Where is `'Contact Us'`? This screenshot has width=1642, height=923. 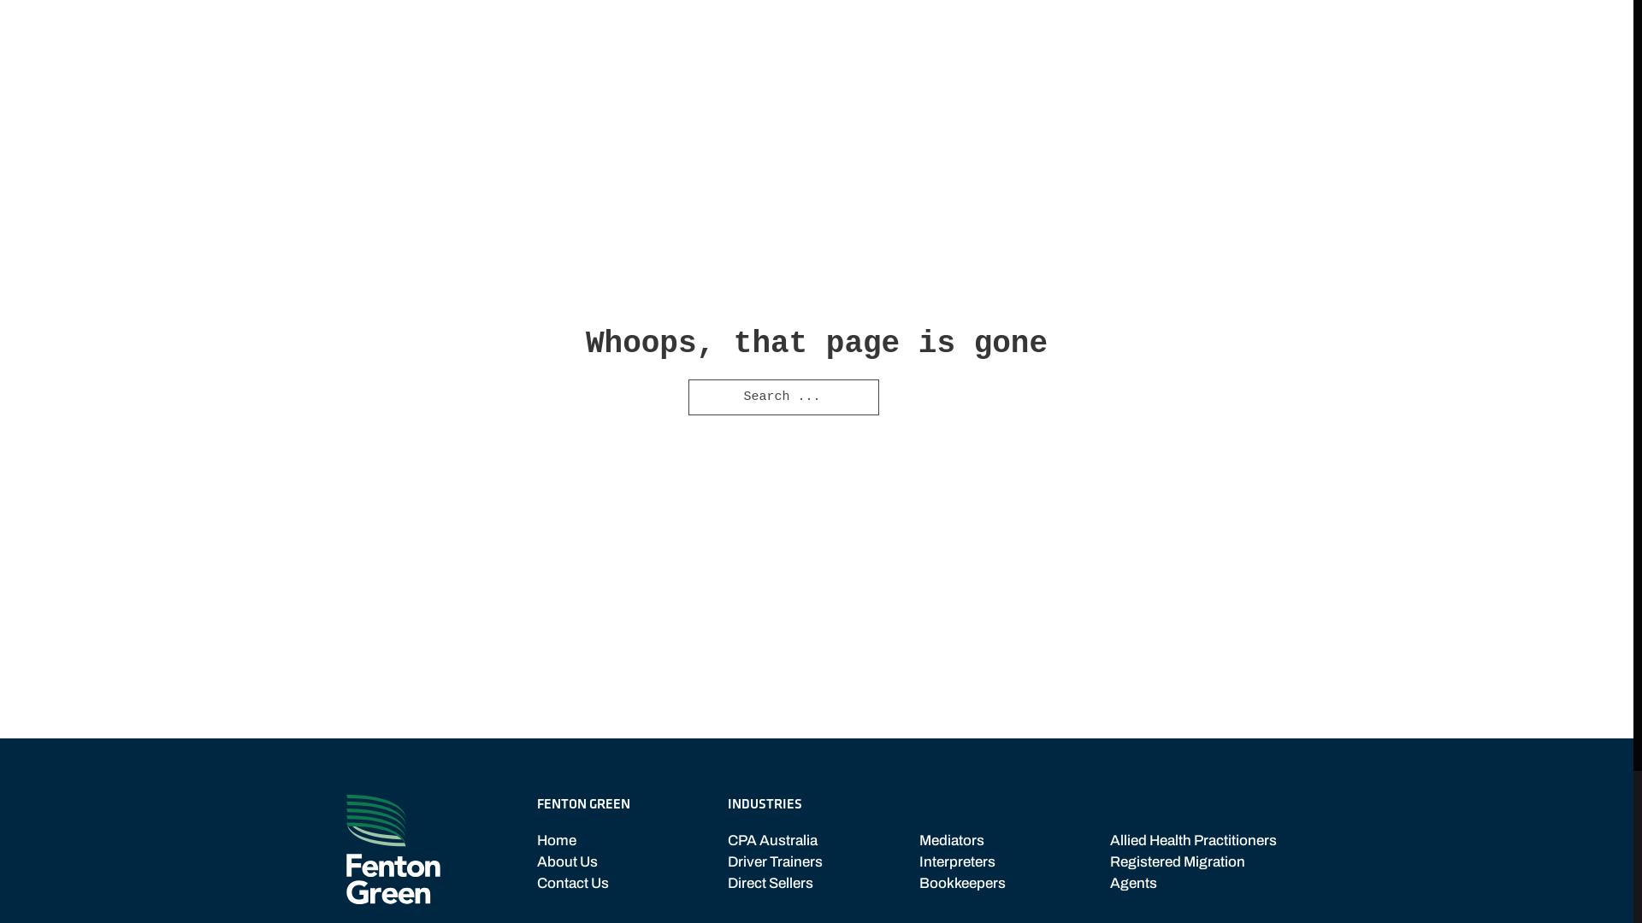
'Contact Us' is located at coordinates (573, 883).